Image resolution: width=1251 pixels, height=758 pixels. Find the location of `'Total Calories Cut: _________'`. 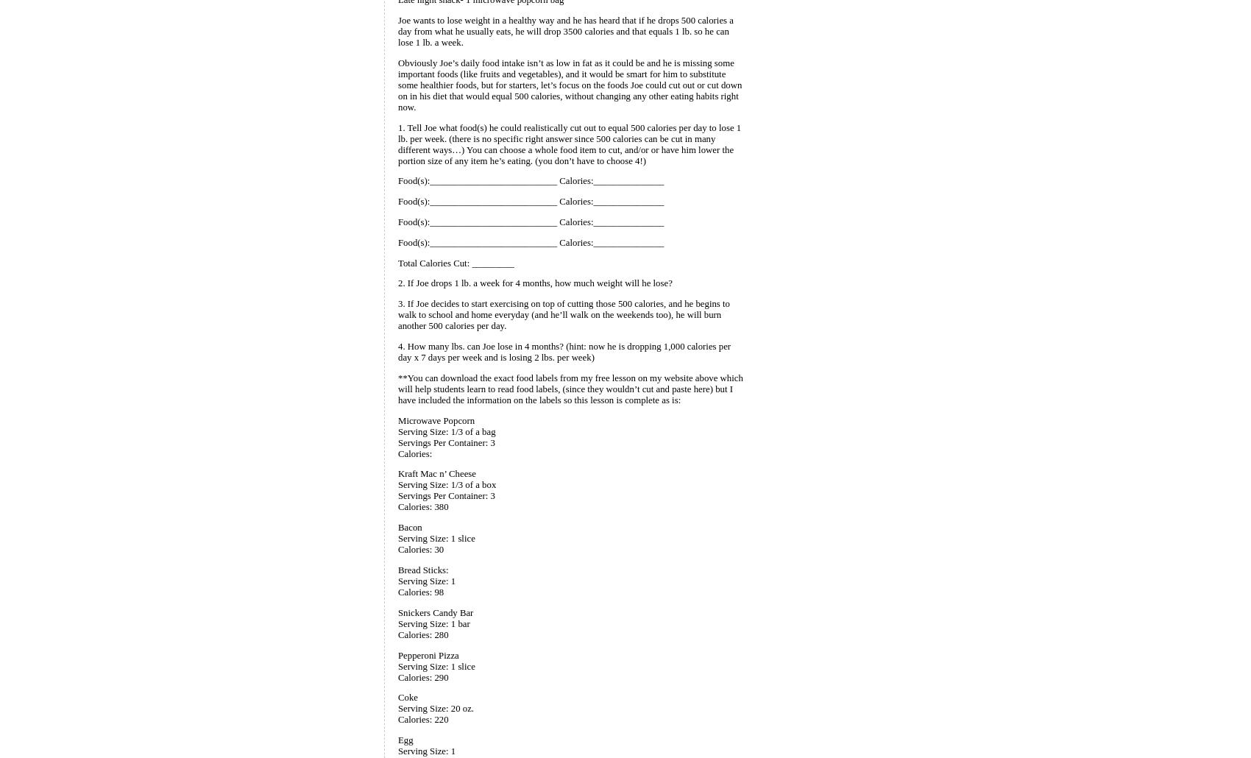

'Total Calories Cut: _________' is located at coordinates (455, 262).